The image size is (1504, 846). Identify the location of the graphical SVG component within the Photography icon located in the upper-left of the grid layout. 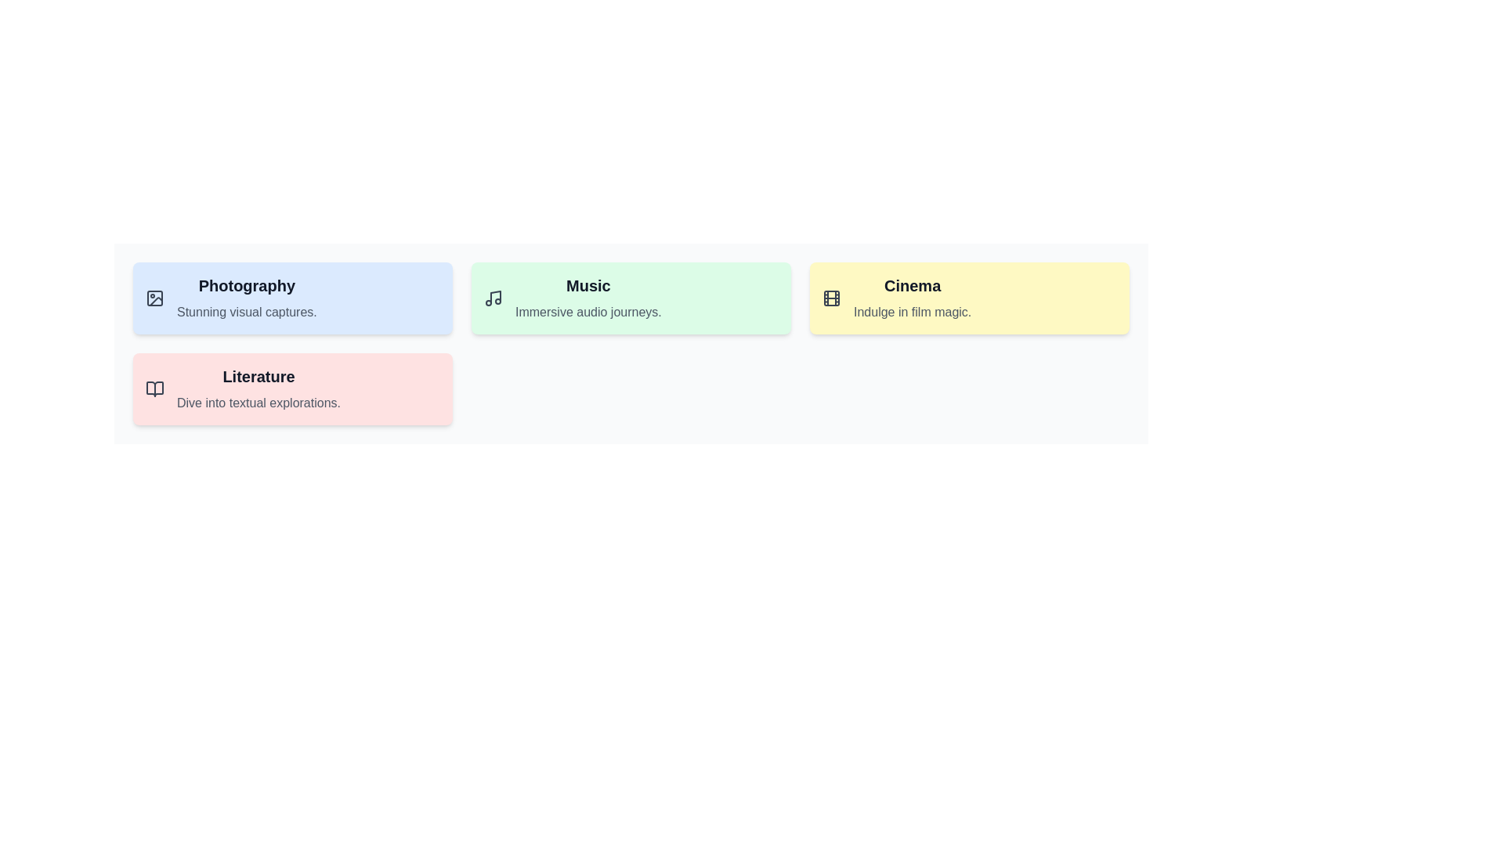
(156, 302).